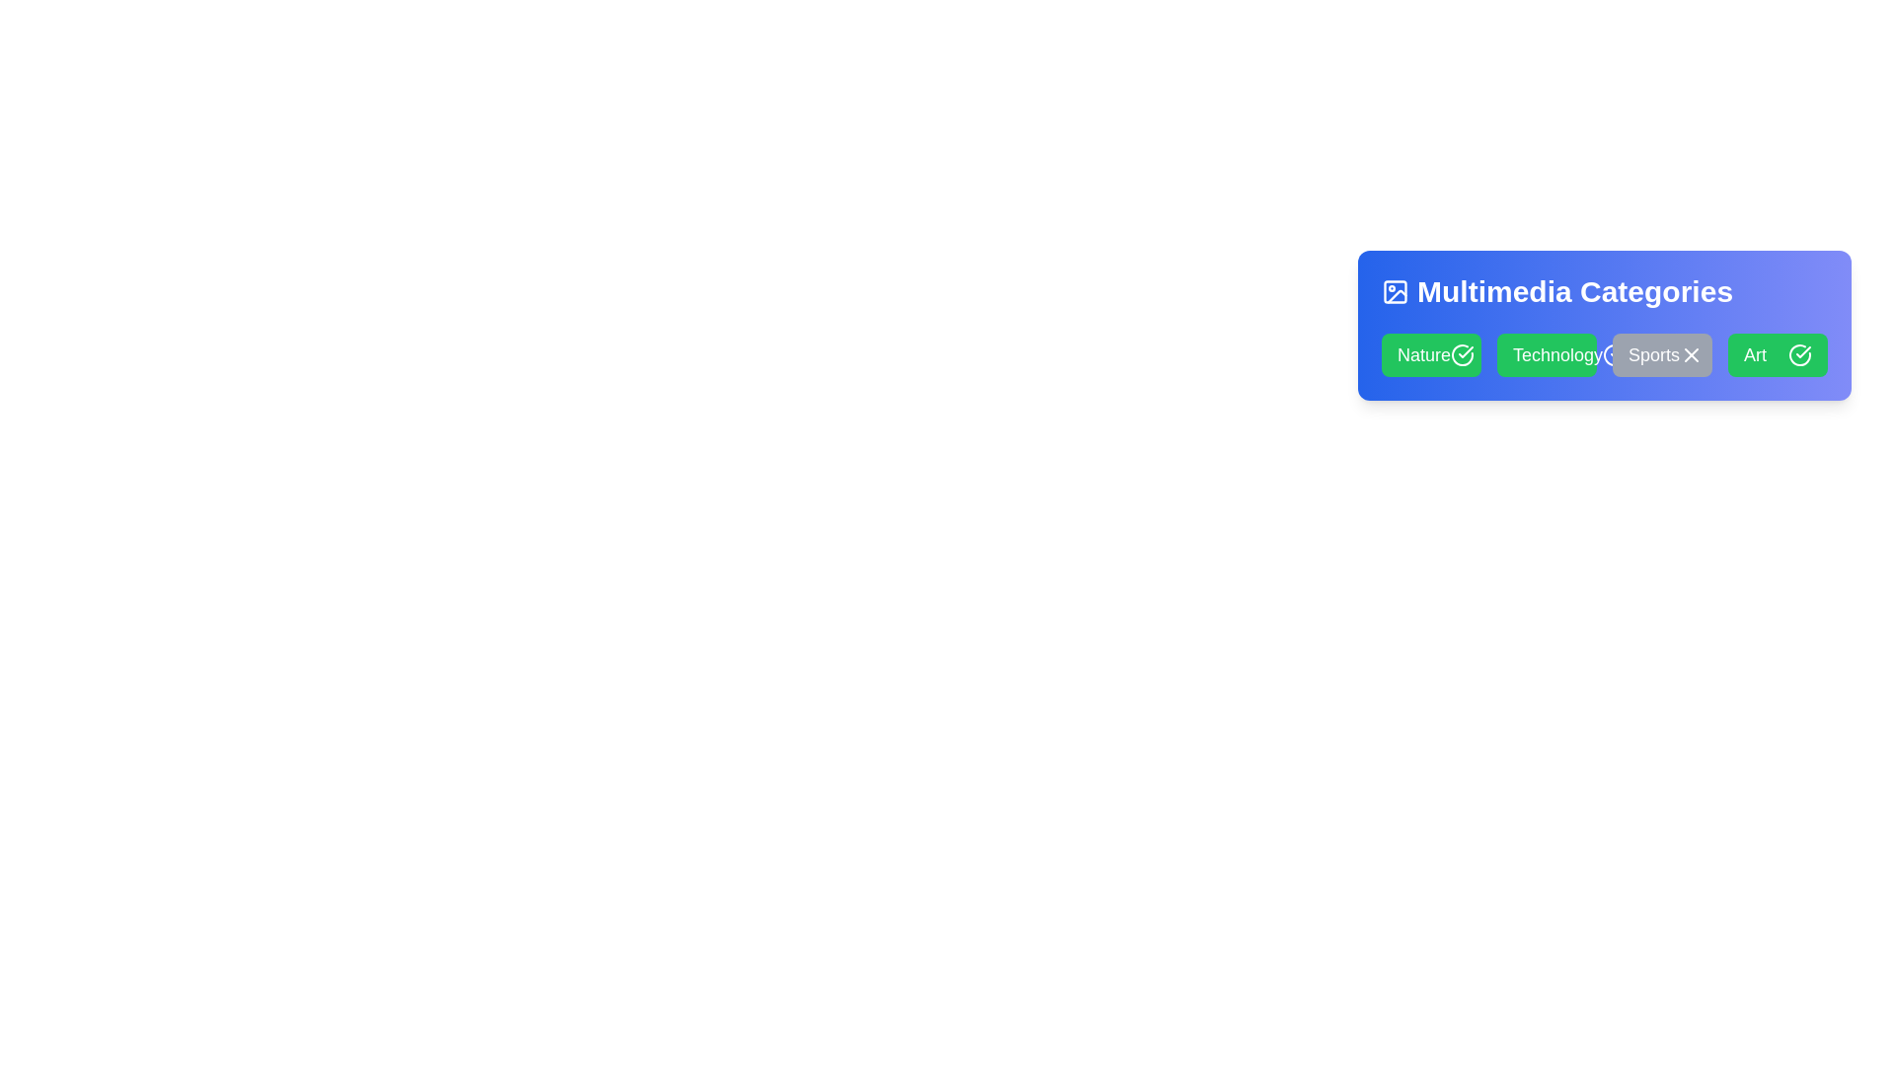 This screenshot has height=1066, width=1895. I want to click on the checkmark icon on the green 'Technology' button, so click(1615, 353).